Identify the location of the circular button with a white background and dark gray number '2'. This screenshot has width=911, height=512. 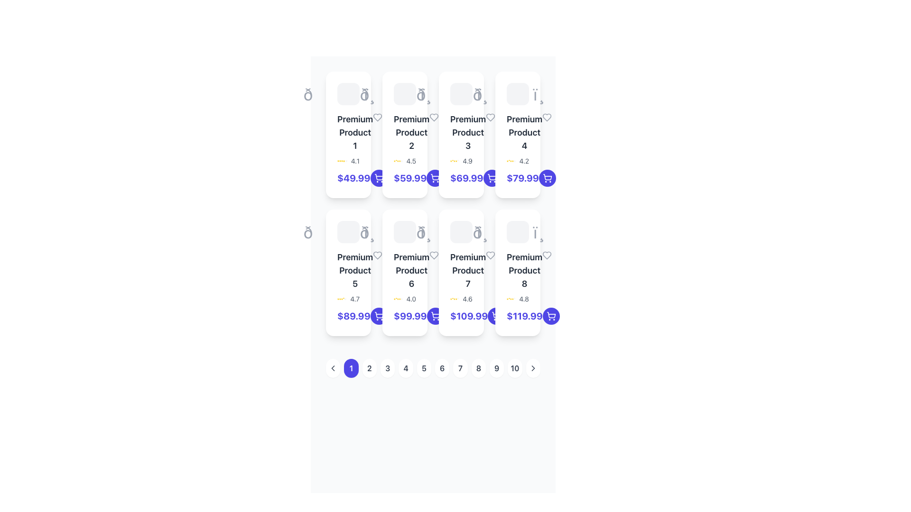
(369, 367).